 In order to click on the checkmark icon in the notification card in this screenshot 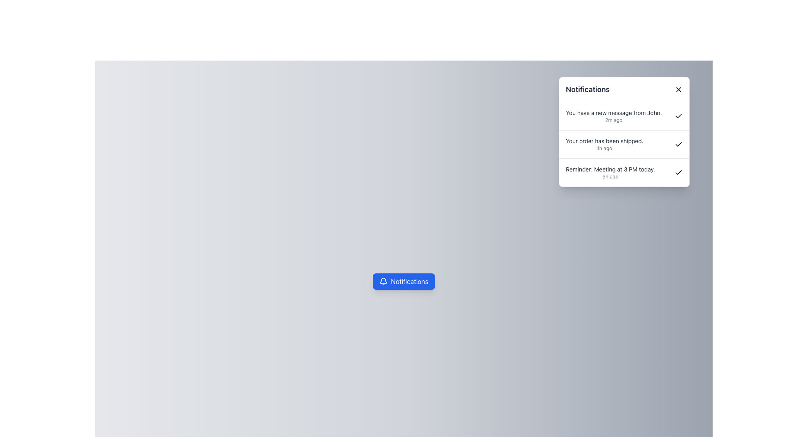, I will do `click(679, 144)`.